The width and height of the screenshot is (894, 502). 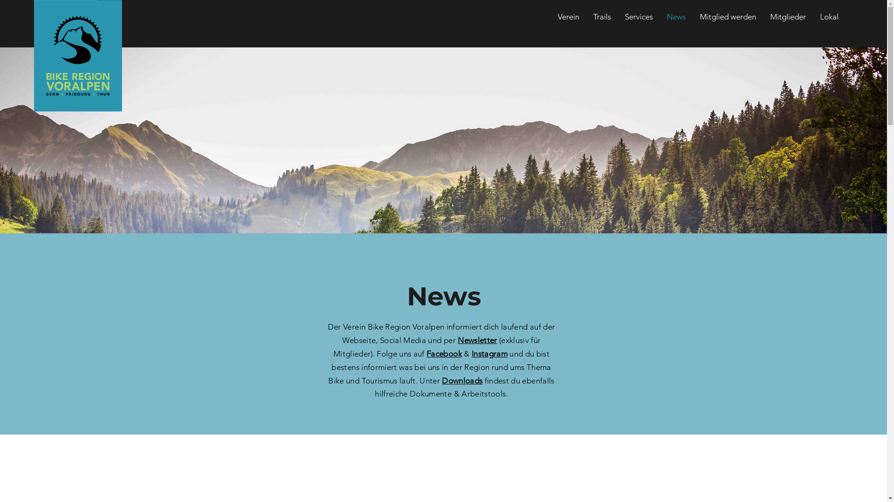 I want to click on 'News', so click(x=659, y=23).